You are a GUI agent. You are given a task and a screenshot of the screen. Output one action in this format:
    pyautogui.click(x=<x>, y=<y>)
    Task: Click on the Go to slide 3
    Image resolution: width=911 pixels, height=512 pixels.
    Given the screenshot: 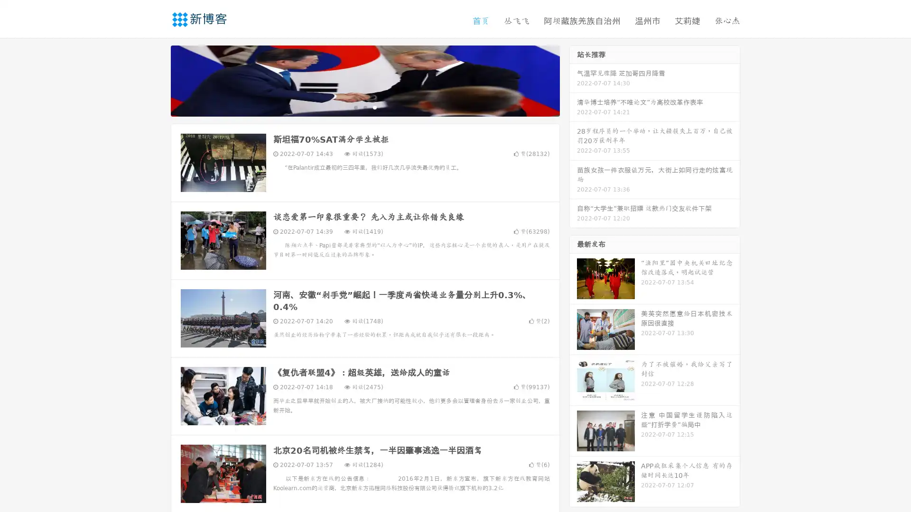 What is the action you would take?
    pyautogui.click(x=374, y=107)
    